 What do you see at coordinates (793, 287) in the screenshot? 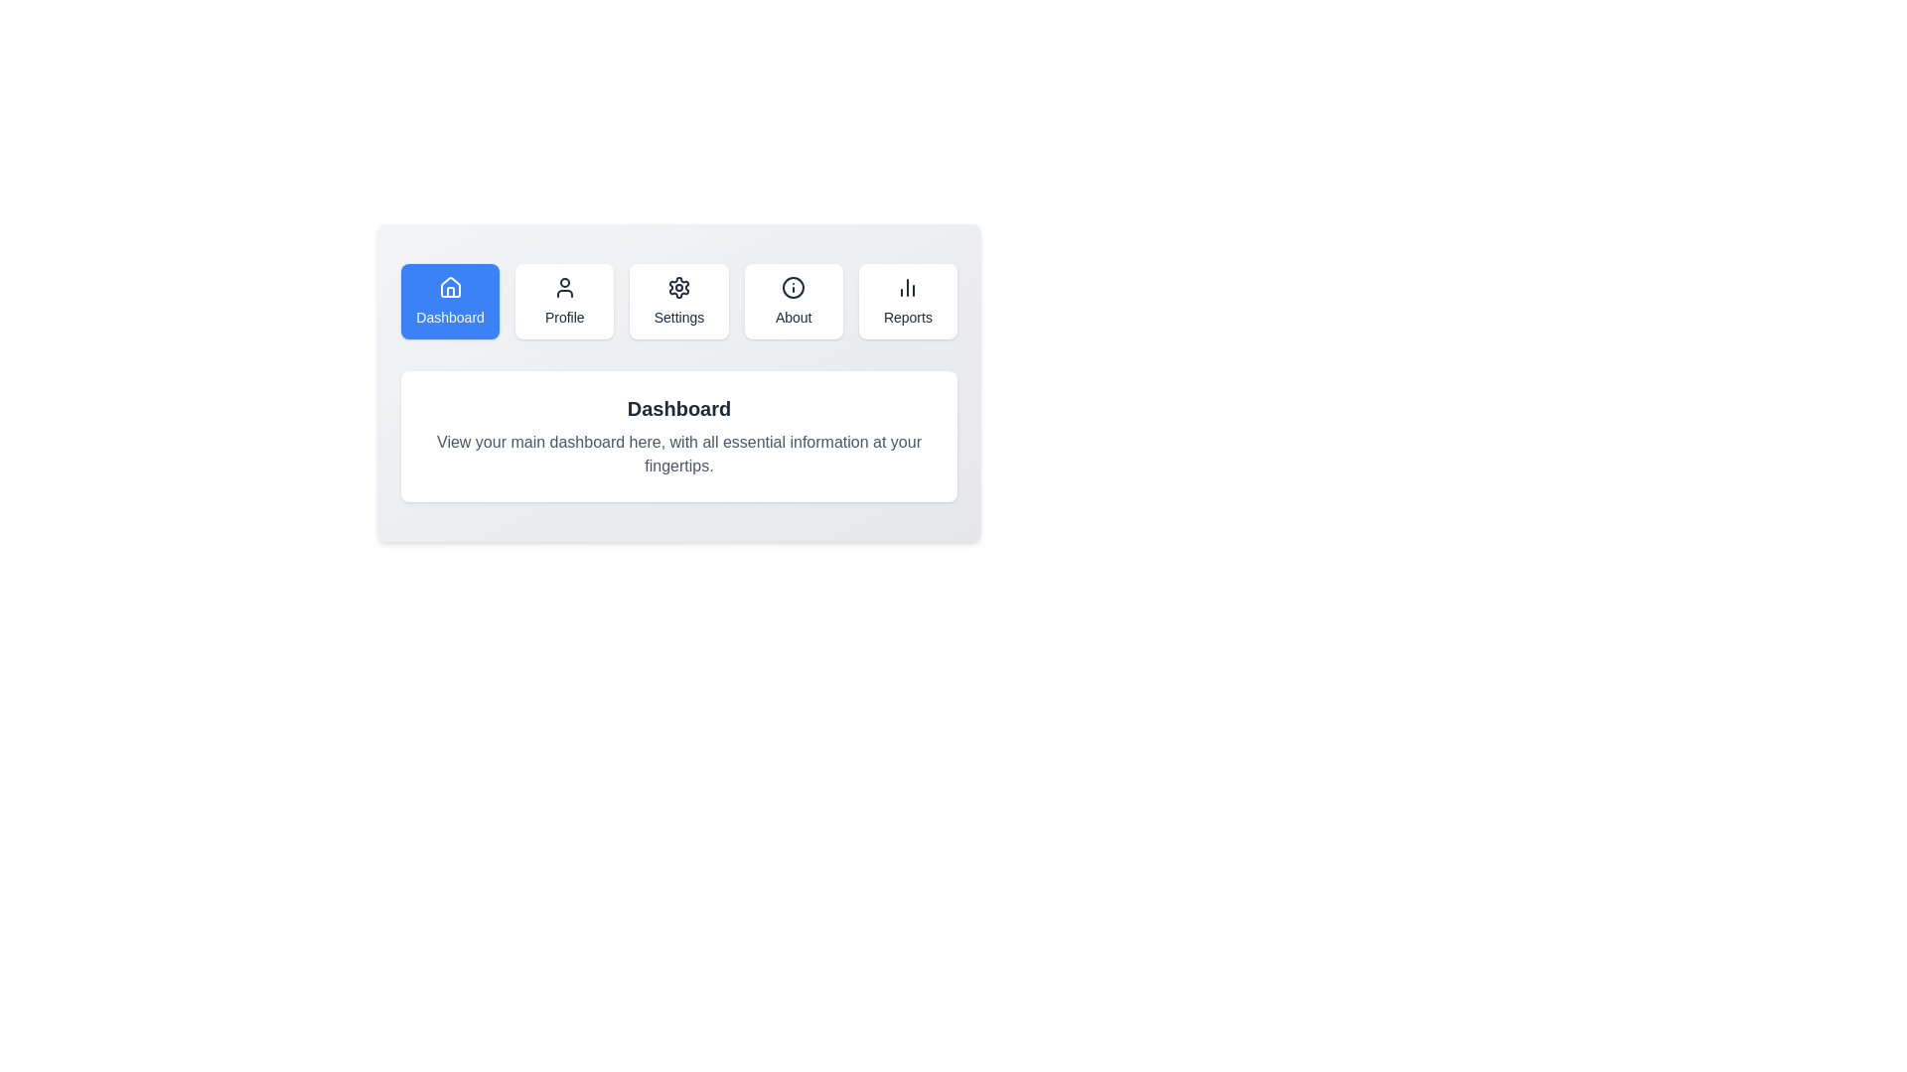
I see `the icon of the About tab to examine its visual details` at bounding box center [793, 287].